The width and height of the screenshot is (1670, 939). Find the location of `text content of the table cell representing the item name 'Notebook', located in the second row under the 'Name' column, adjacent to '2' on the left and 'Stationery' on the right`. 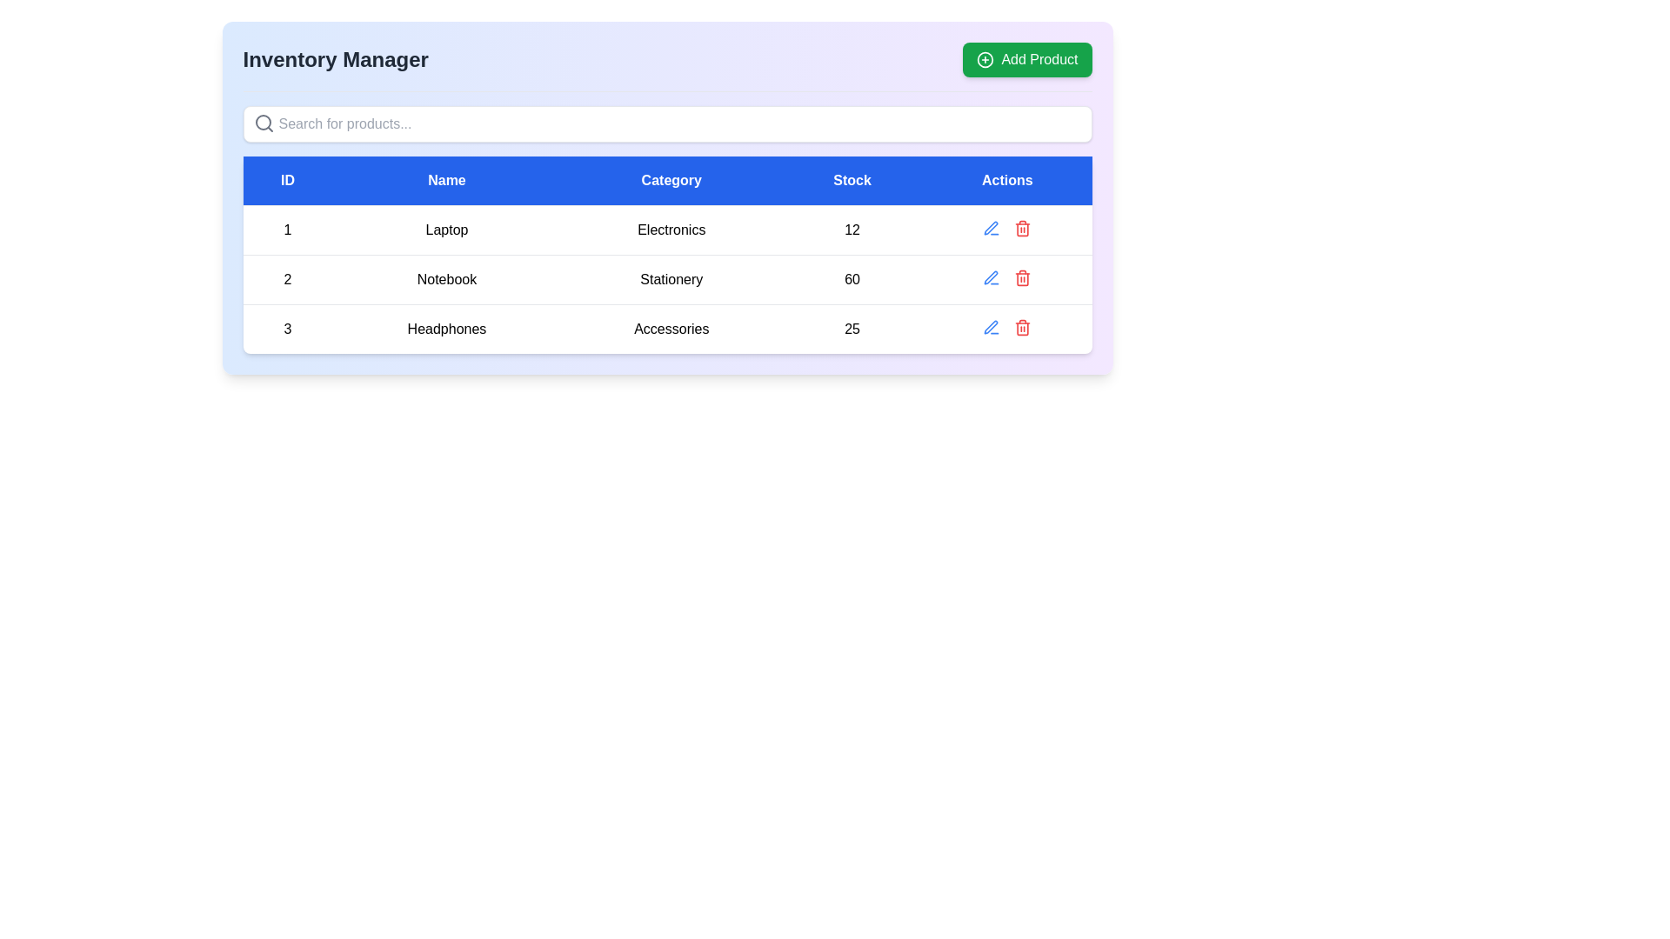

text content of the table cell representing the item name 'Notebook', located in the second row under the 'Name' column, adjacent to '2' on the left and 'Stationery' on the right is located at coordinates (446, 278).